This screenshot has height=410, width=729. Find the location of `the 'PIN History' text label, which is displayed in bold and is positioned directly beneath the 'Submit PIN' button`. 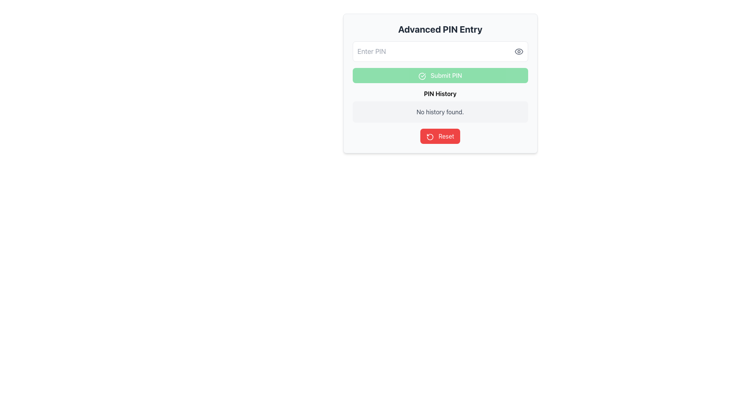

the 'PIN History' text label, which is displayed in bold and is positioned directly beneath the 'Submit PIN' button is located at coordinates (440, 93).